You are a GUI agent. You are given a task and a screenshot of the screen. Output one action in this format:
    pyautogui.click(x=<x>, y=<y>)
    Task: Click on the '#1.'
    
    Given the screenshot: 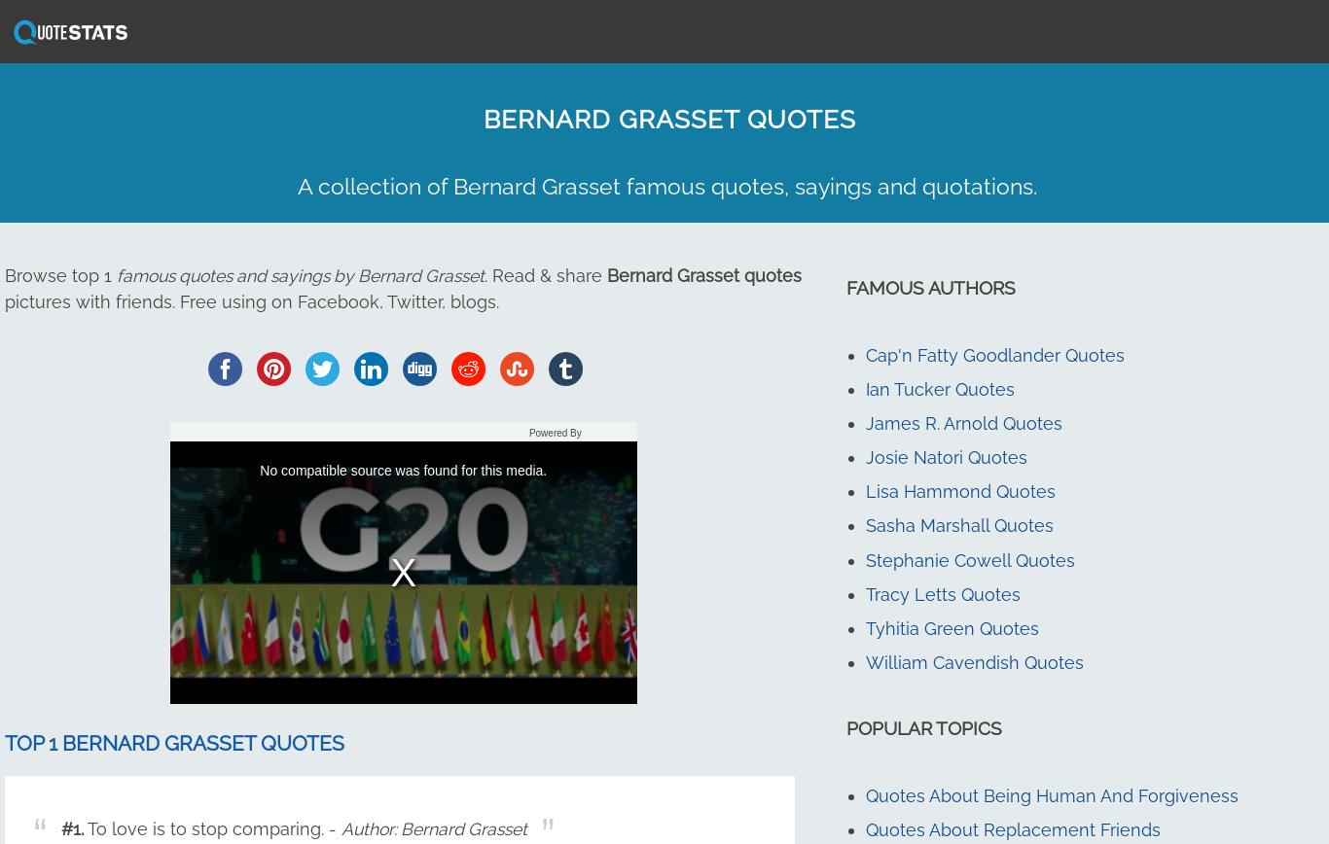 What is the action you would take?
    pyautogui.click(x=72, y=828)
    